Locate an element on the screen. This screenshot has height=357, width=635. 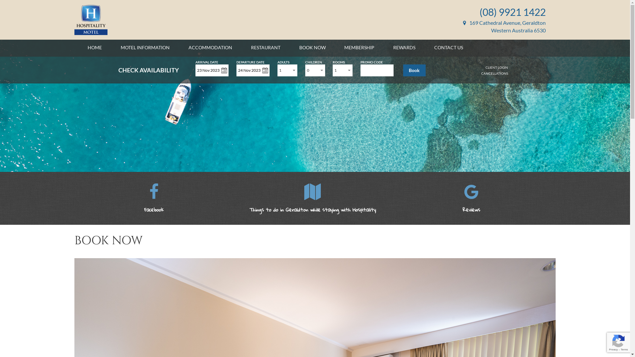
'CANCELLATIONS' is located at coordinates (494, 73).